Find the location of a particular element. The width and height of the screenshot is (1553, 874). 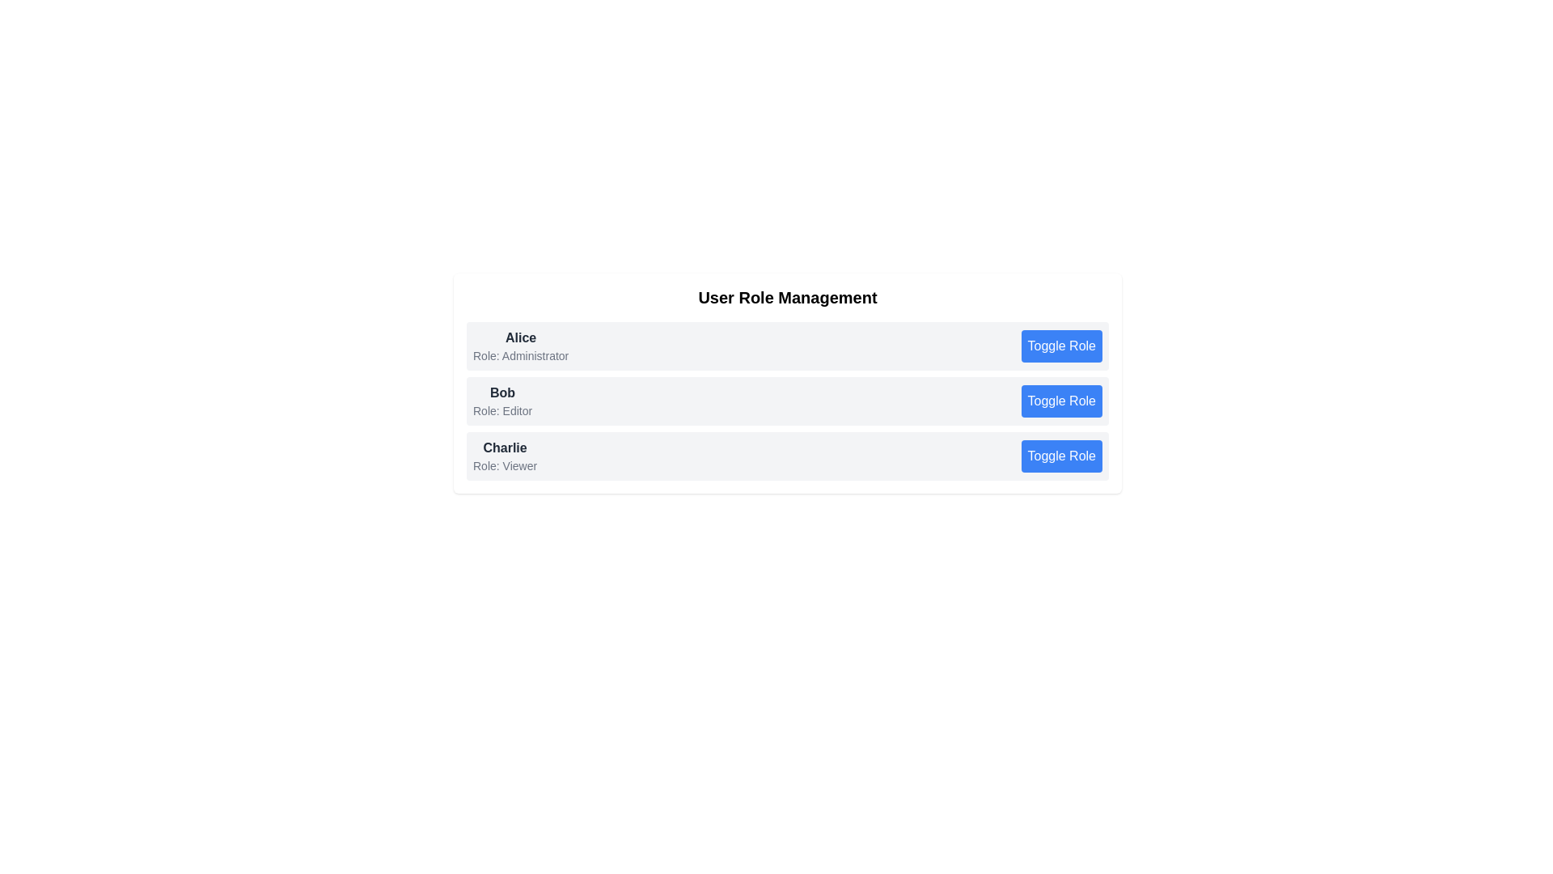

the static text label displaying 'Viewer' for the user 'Charlie', located directly beneath the name 'Charlie' in the user details list is located at coordinates (504, 465).